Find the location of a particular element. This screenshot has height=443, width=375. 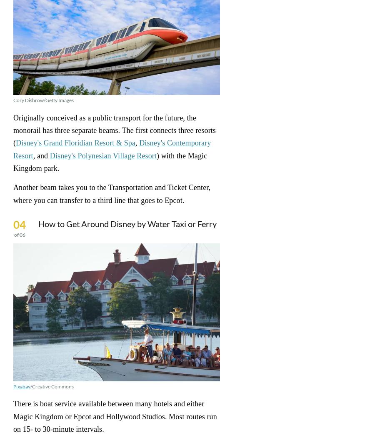

'Disney's Contemporary Resort' is located at coordinates (112, 149).